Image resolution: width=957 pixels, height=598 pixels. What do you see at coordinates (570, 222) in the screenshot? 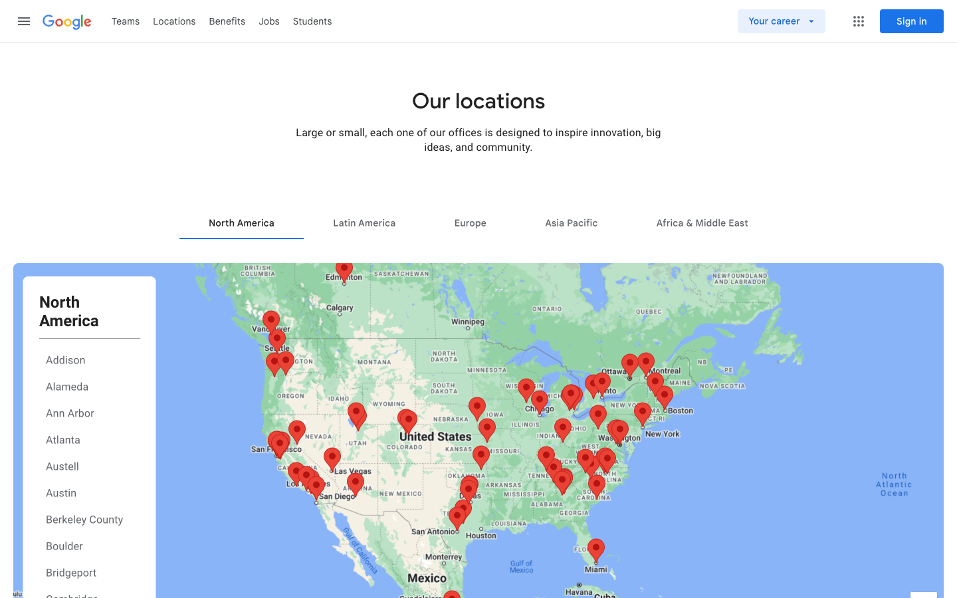
I see `Alter the geographical location` at bounding box center [570, 222].